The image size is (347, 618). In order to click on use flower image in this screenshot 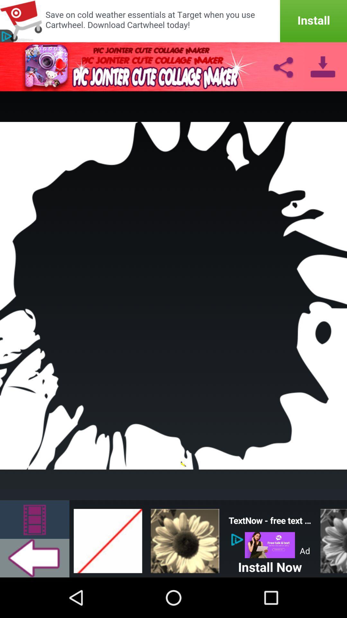, I will do `click(185, 539)`.